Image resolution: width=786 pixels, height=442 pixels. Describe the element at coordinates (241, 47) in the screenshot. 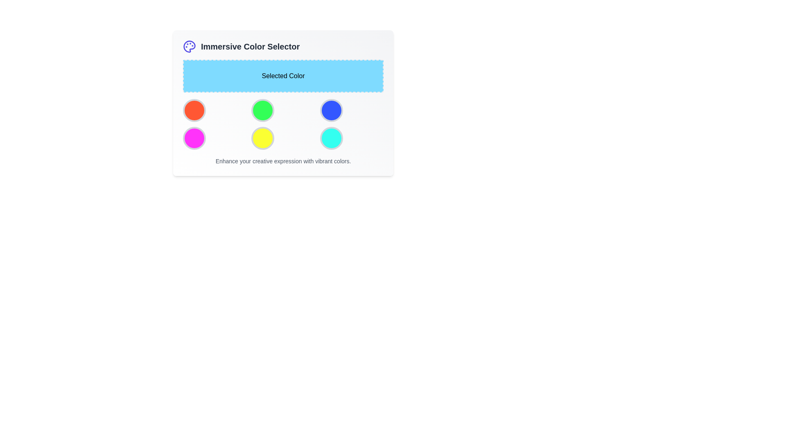

I see `the Text Label that serves as the title for the color selection tool, positioned at the top-left of the interface, aligned with a decorative palette icon to its left` at that location.